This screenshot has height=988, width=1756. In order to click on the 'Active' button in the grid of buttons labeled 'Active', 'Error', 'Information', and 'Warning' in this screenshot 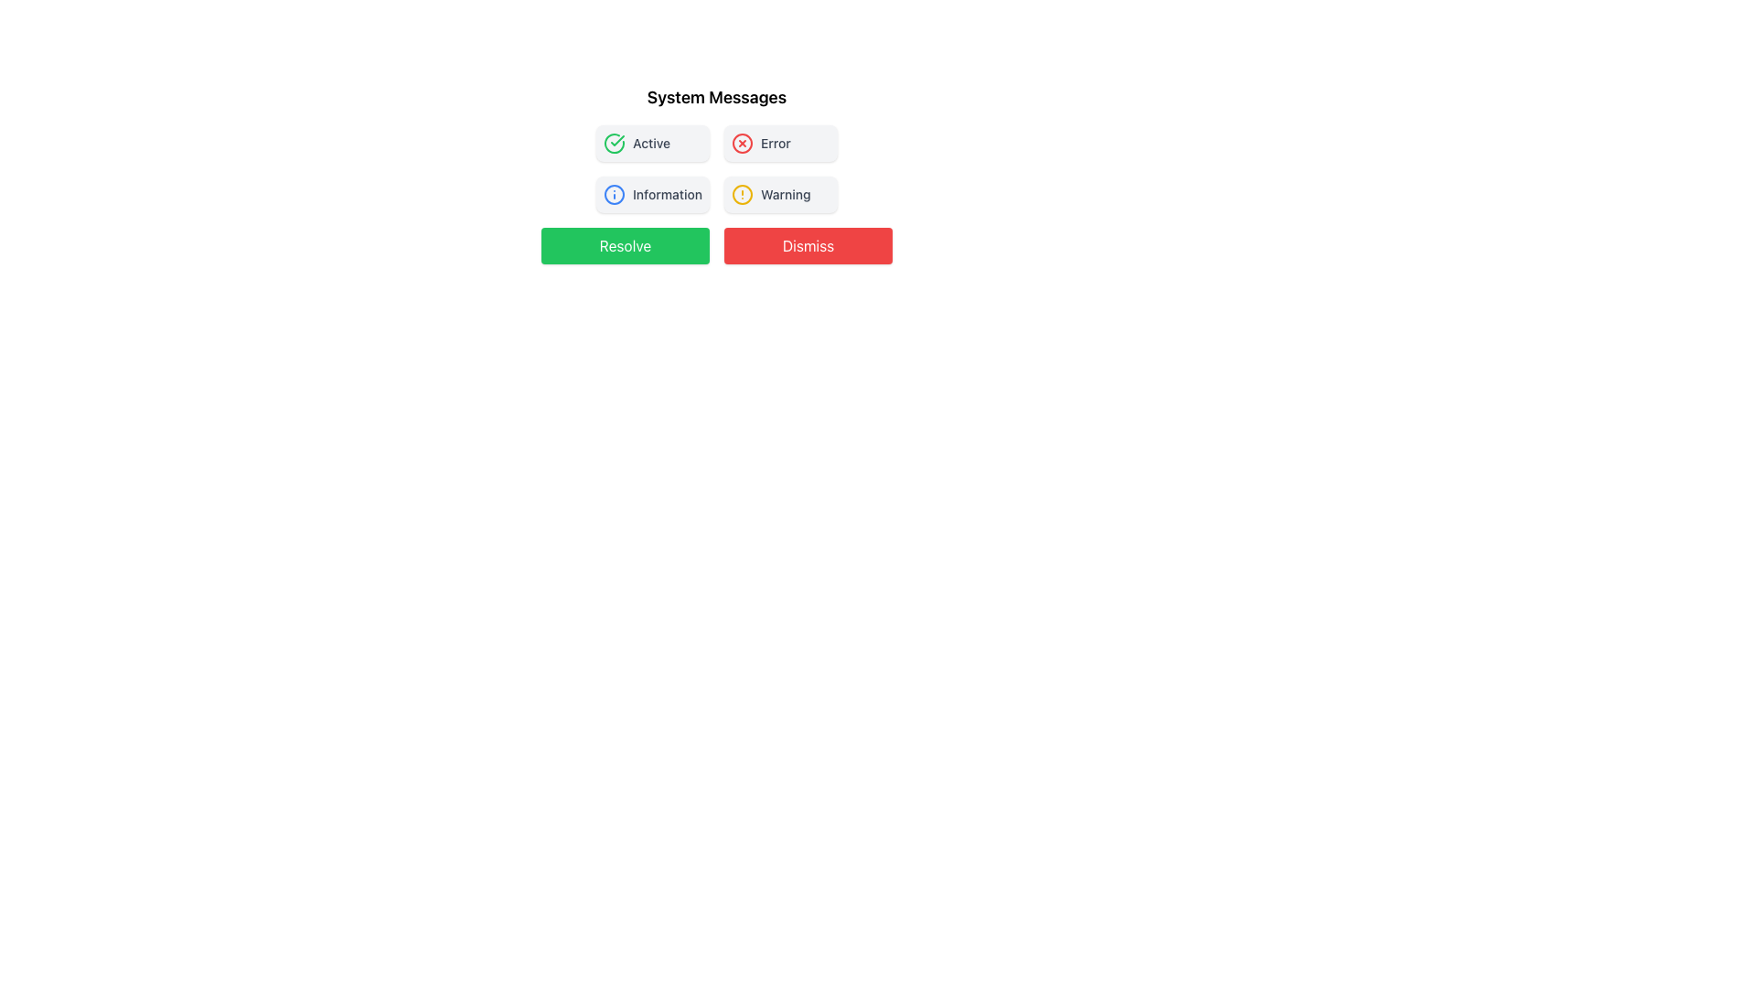, I will do `click(715, 169)`.